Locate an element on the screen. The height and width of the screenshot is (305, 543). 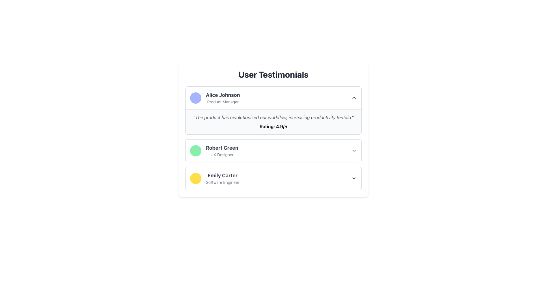
text label for the testimonial entry authored by Emily Carter, which is positioned above the subtitle 'Software Engineer' in the third testimonial entry is located at coordinates (222, 175).